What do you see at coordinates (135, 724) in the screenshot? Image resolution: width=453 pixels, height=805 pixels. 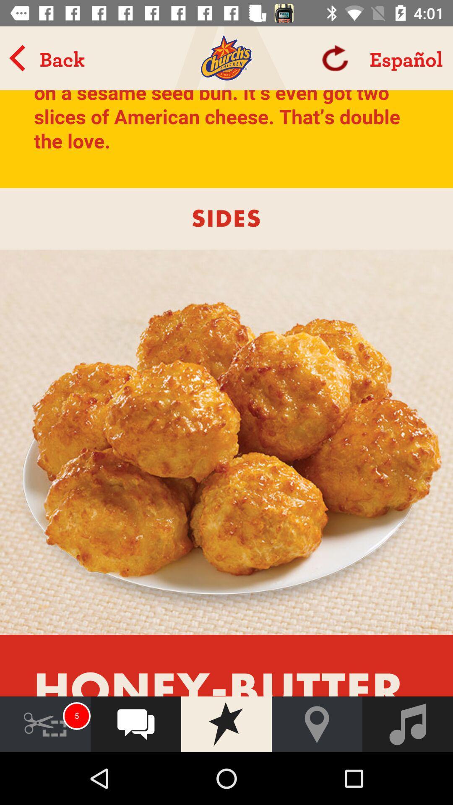 I see `the chat icon` at bounding box center [135, 724].